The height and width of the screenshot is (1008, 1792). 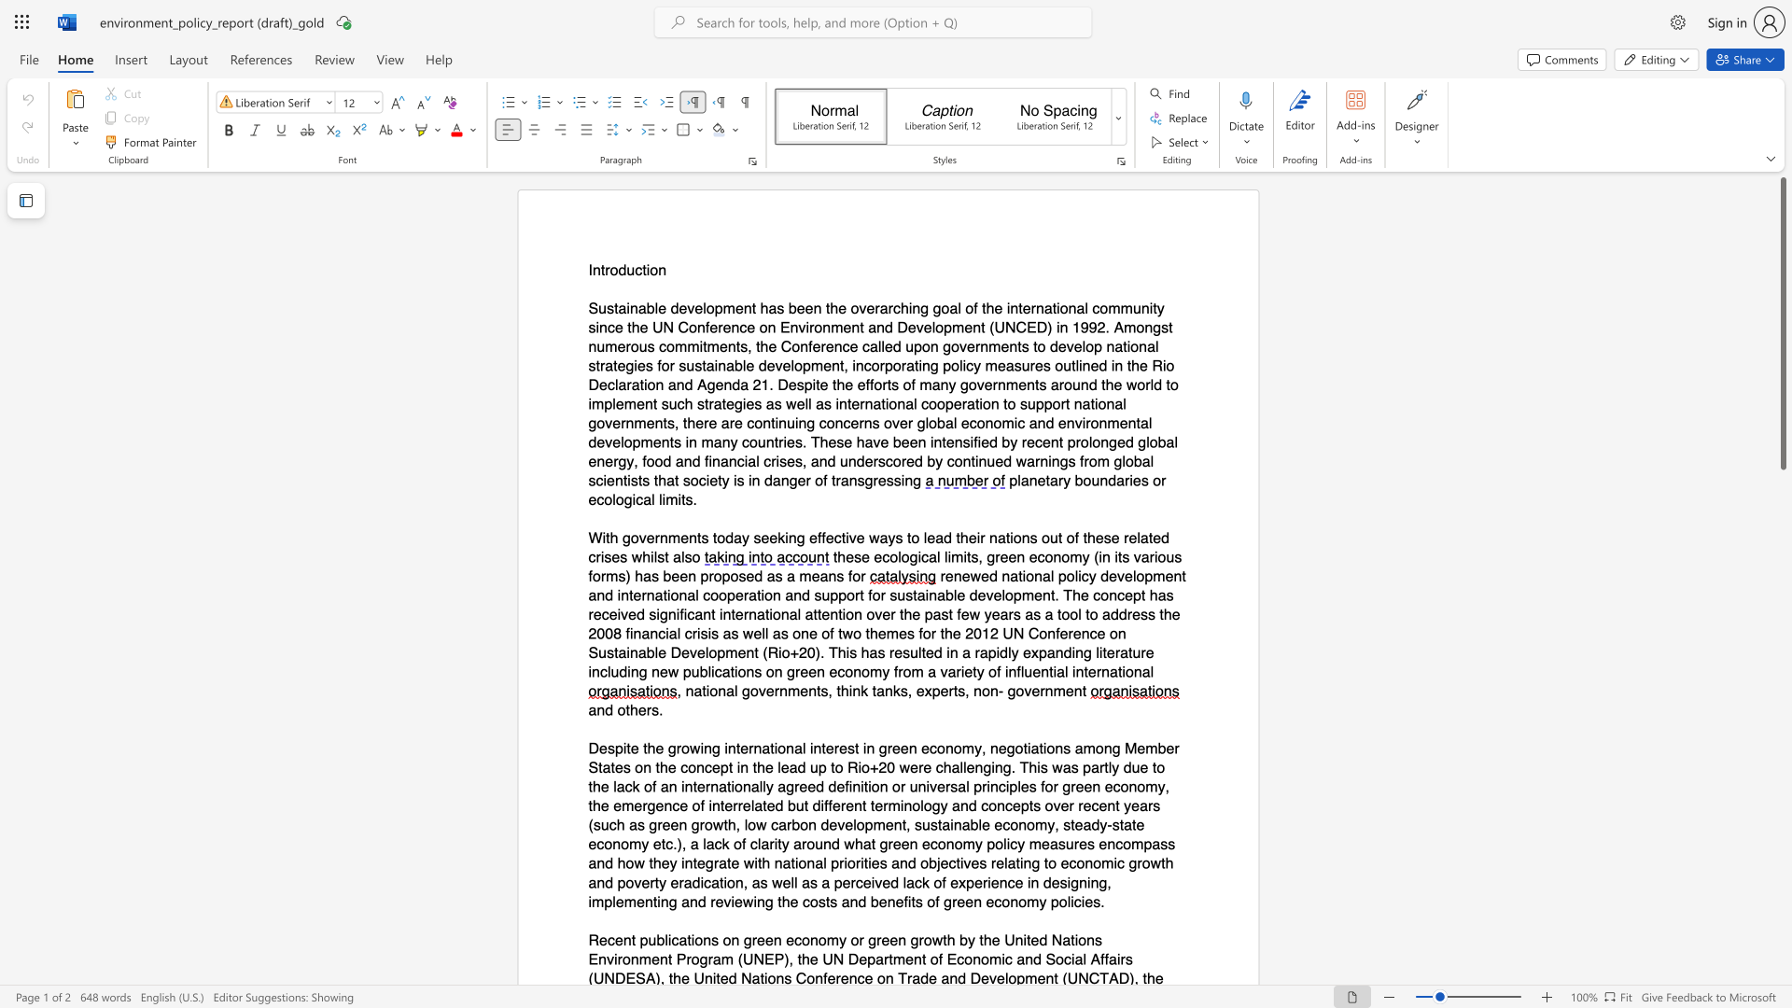 What do you see at coordinates (1782, 691) in the screenshot?
I see `the page's right scrollbar for downward movement` at bounding box center [1782, 691].